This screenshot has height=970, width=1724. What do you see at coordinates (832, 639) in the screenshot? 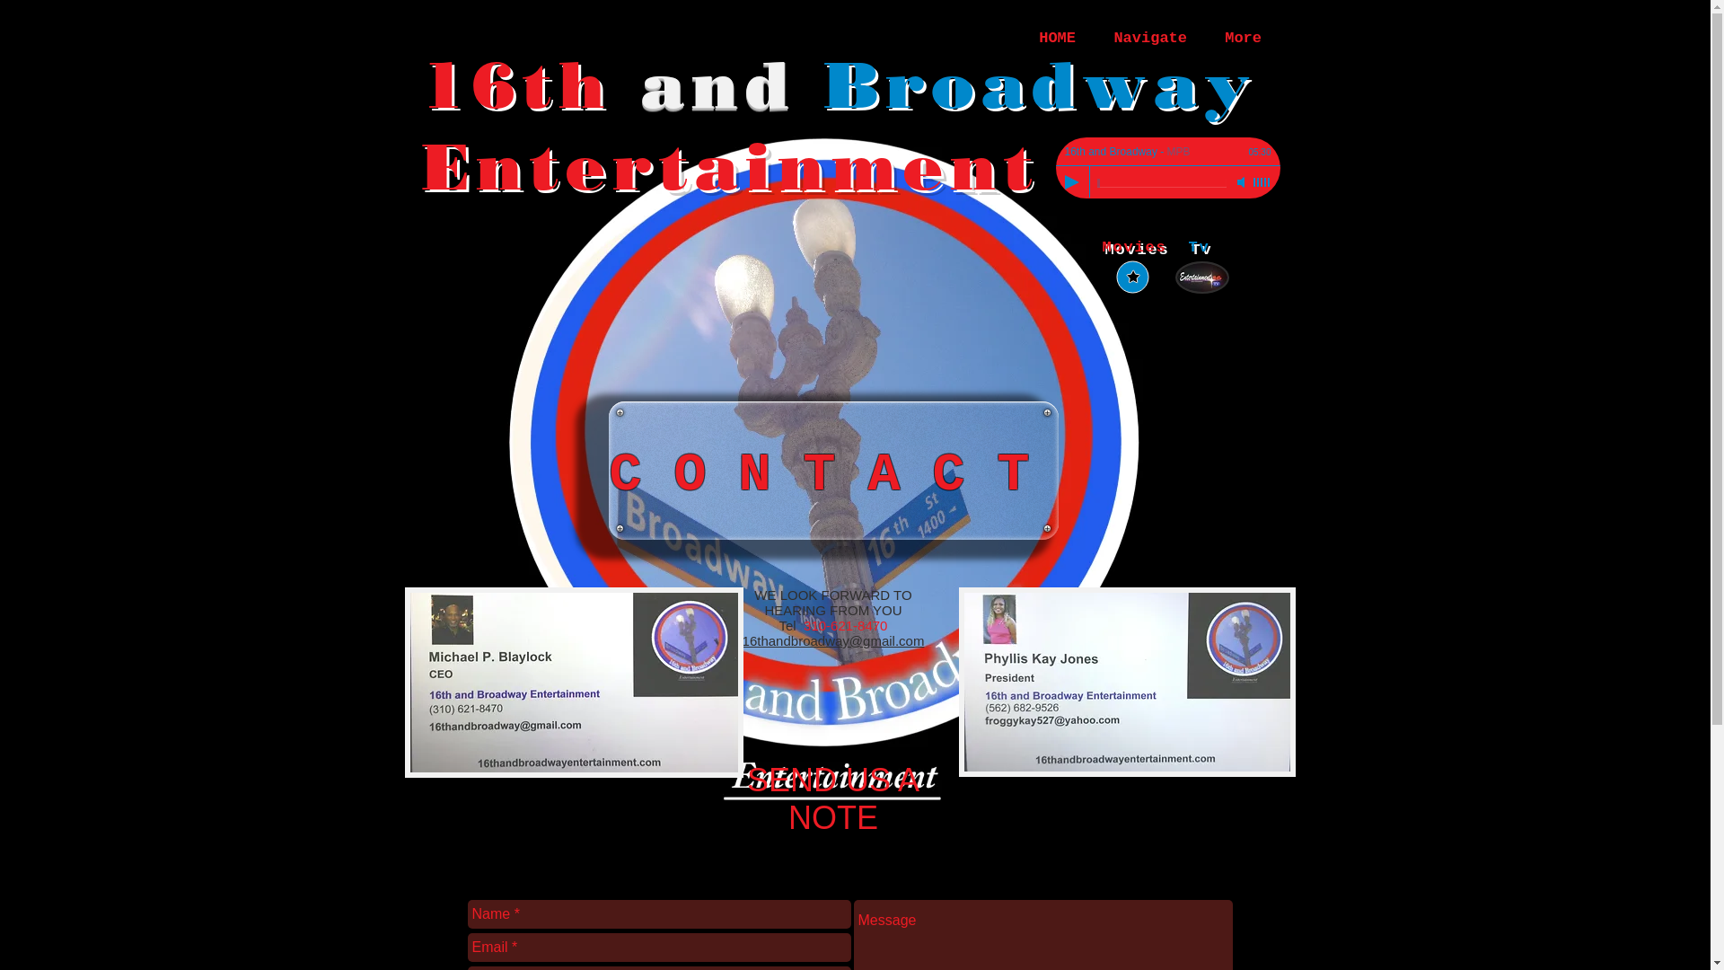
I see `'16thandbroadway@gmail.com'` at bounding box center [832, 639].